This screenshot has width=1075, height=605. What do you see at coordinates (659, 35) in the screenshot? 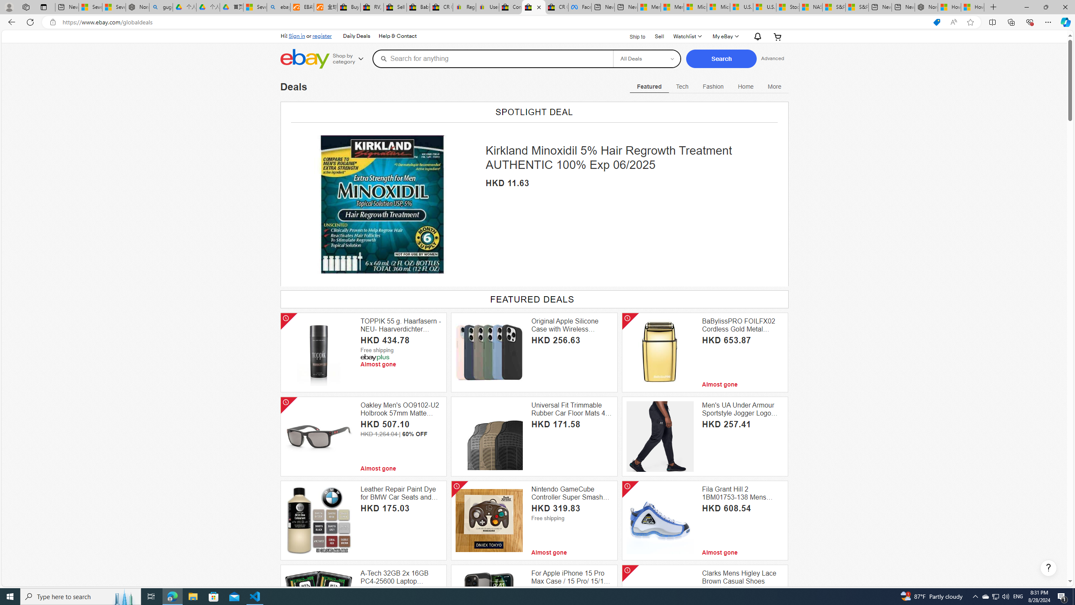
I see `'Sell'` at bounding box center [659, 35].